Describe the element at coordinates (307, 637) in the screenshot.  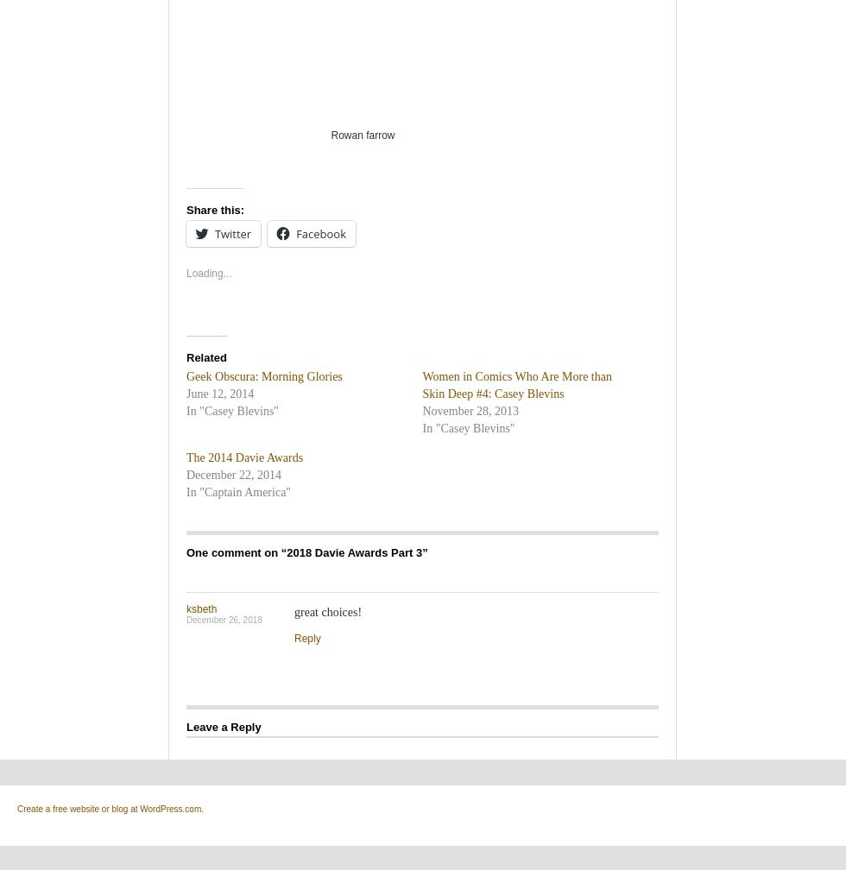
I see `'Reply'` at that location.